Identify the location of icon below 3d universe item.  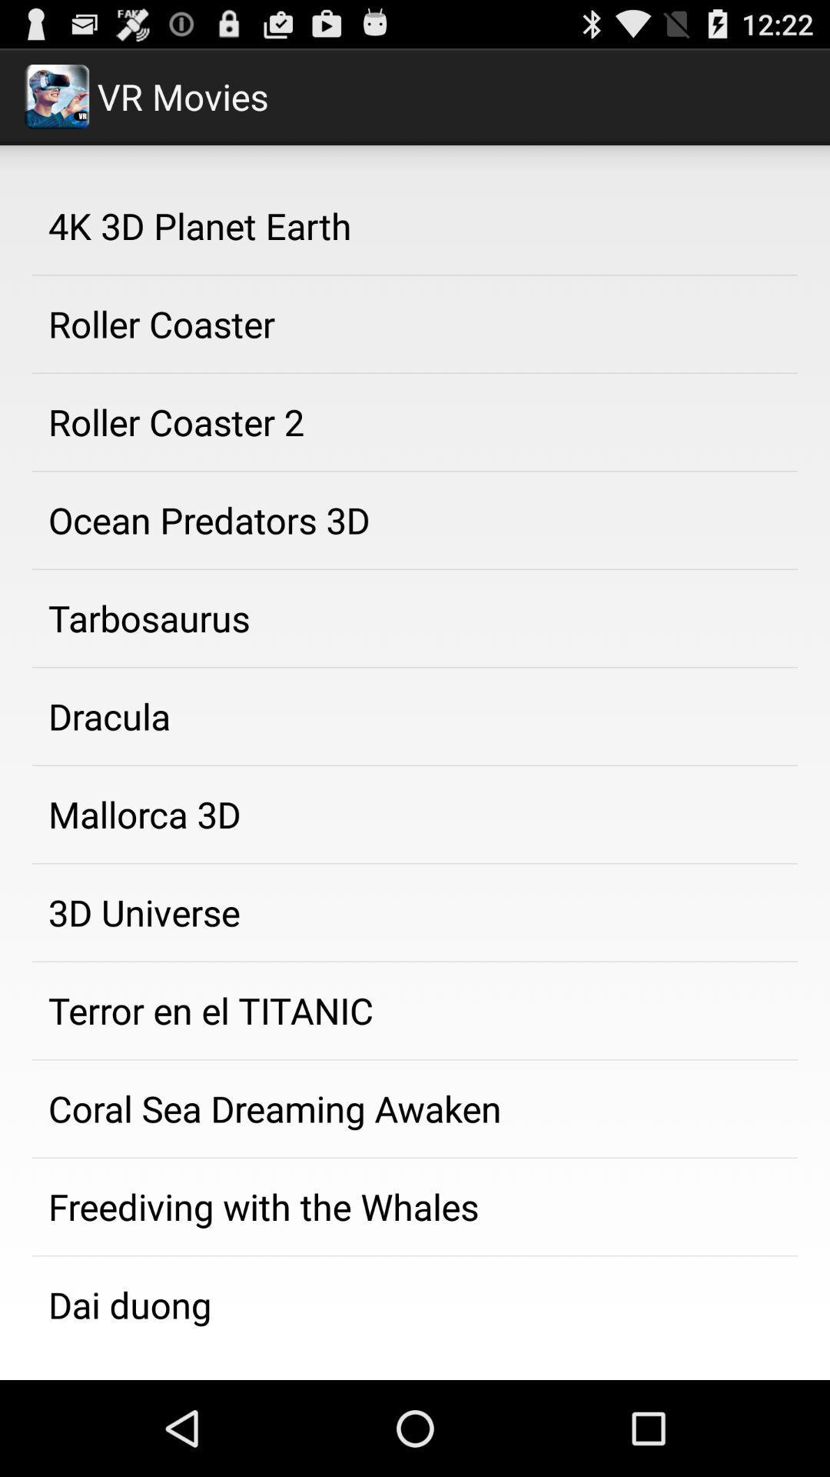
(415, 1011).